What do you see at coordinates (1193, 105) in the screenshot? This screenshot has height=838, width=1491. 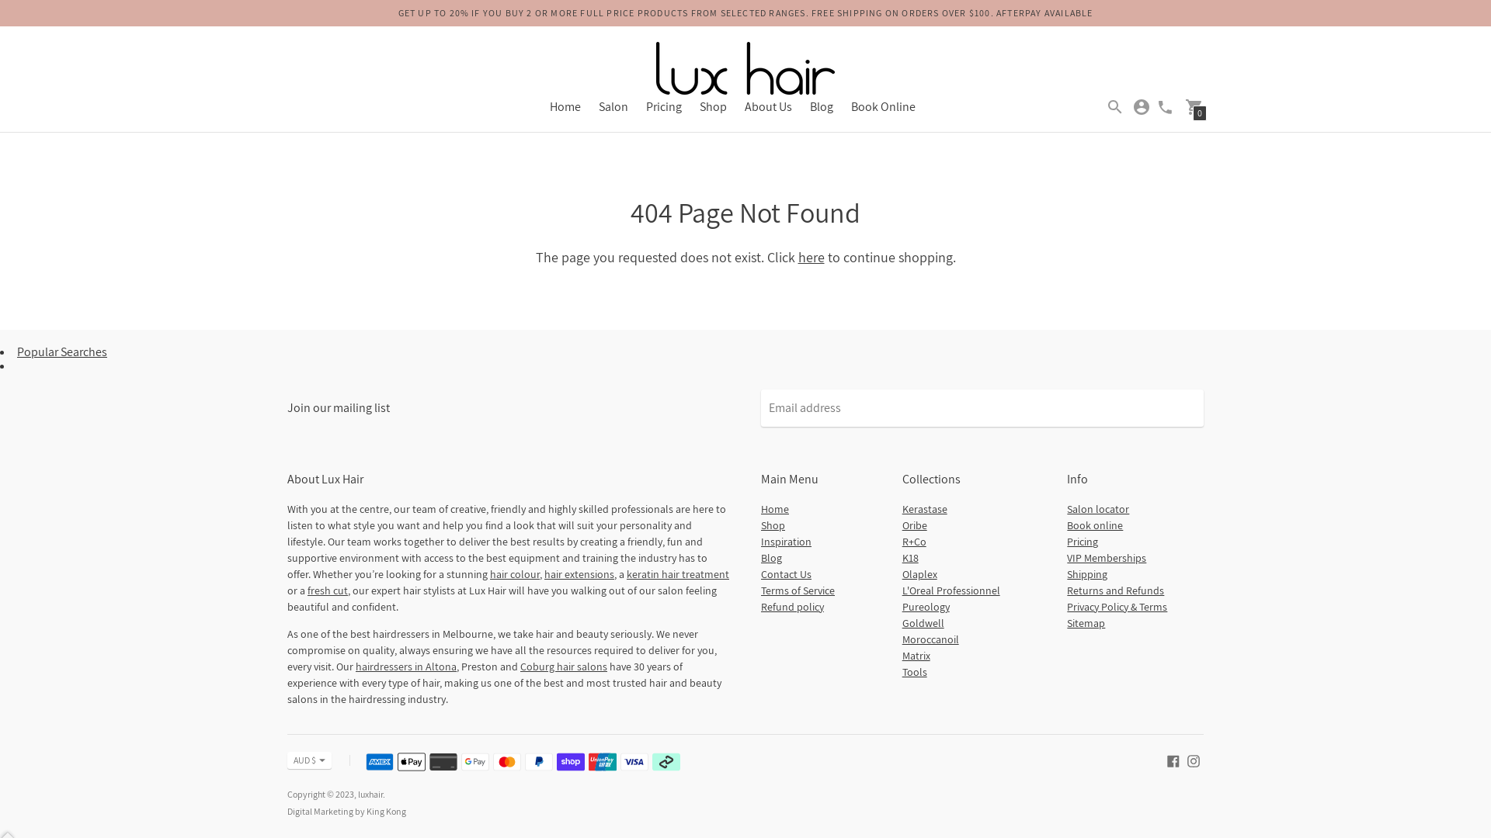 I see `'0'` at bounding box center [1193, 105].